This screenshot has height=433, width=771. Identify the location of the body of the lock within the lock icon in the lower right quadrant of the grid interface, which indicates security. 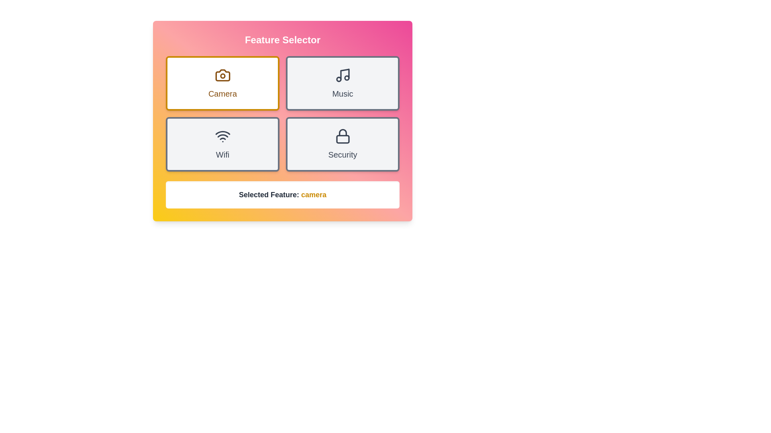
(343, 139).